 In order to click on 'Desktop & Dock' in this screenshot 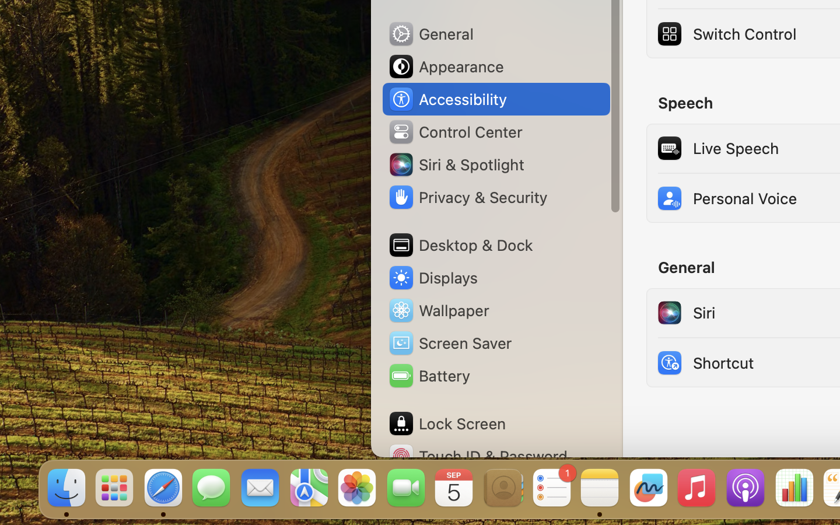, I will do `click(460, 245)`.